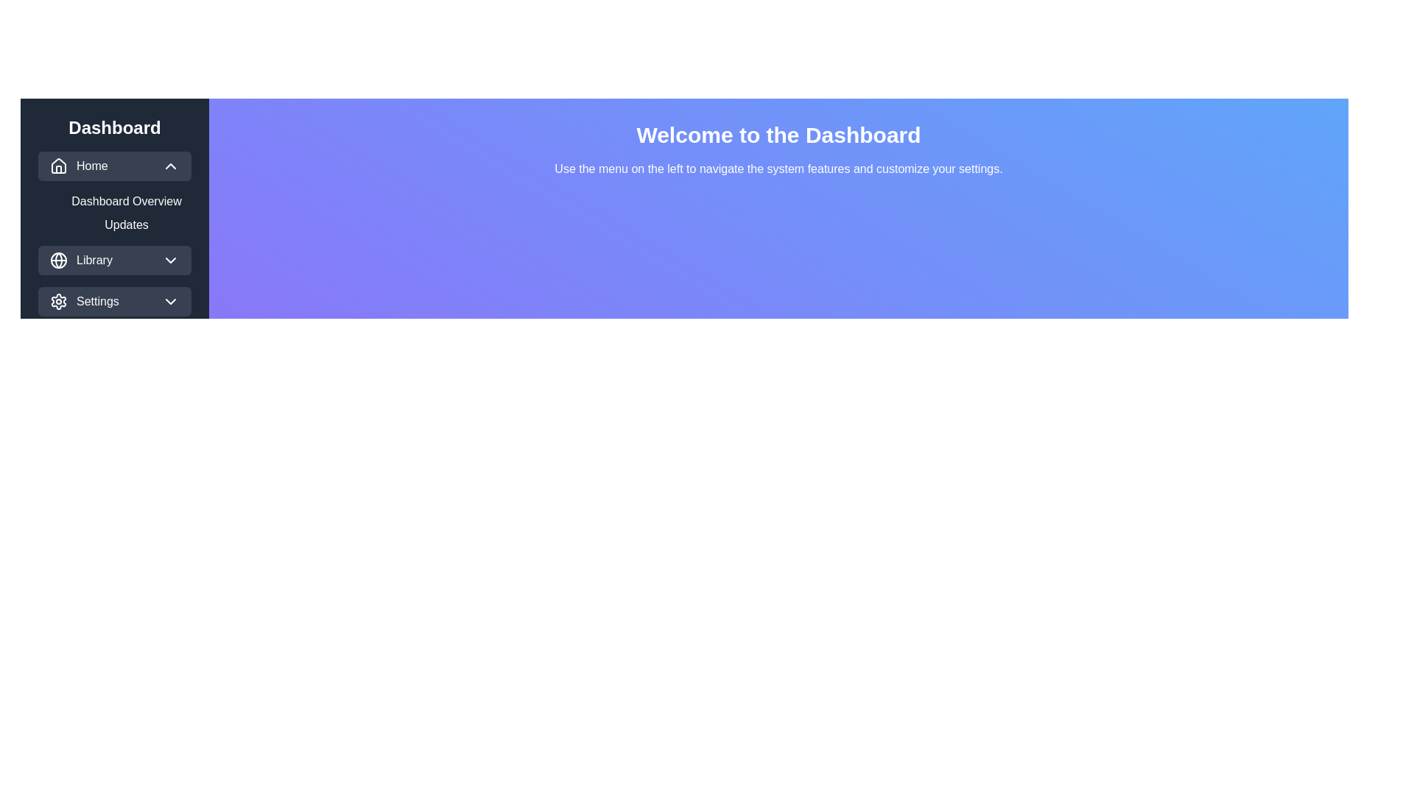  What do you see at coordinates (59, 300) in the screenshot?
I see `the 'Settings' icon located in the sidebar navigation panel, which is positioned to the left of the 'Settings' label` at bounding box center [59, 300].